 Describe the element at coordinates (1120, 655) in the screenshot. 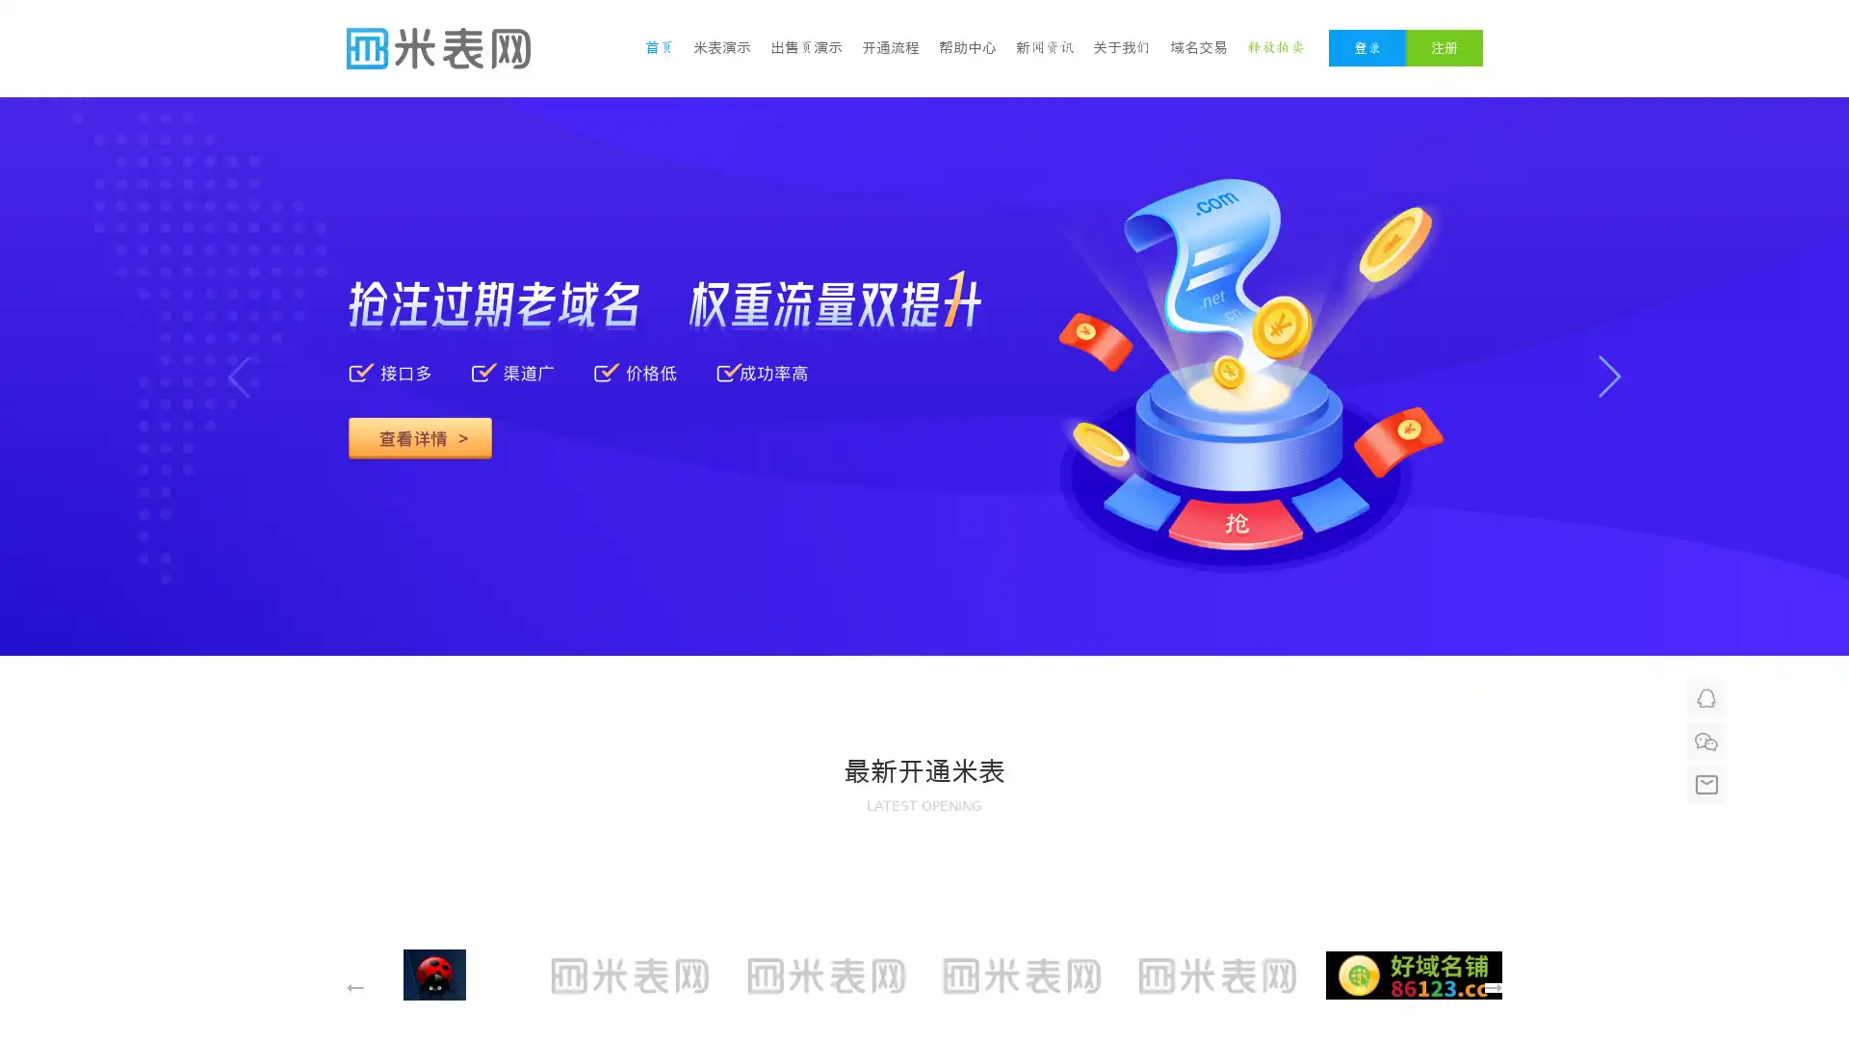

I see `Previous slide` at that location.